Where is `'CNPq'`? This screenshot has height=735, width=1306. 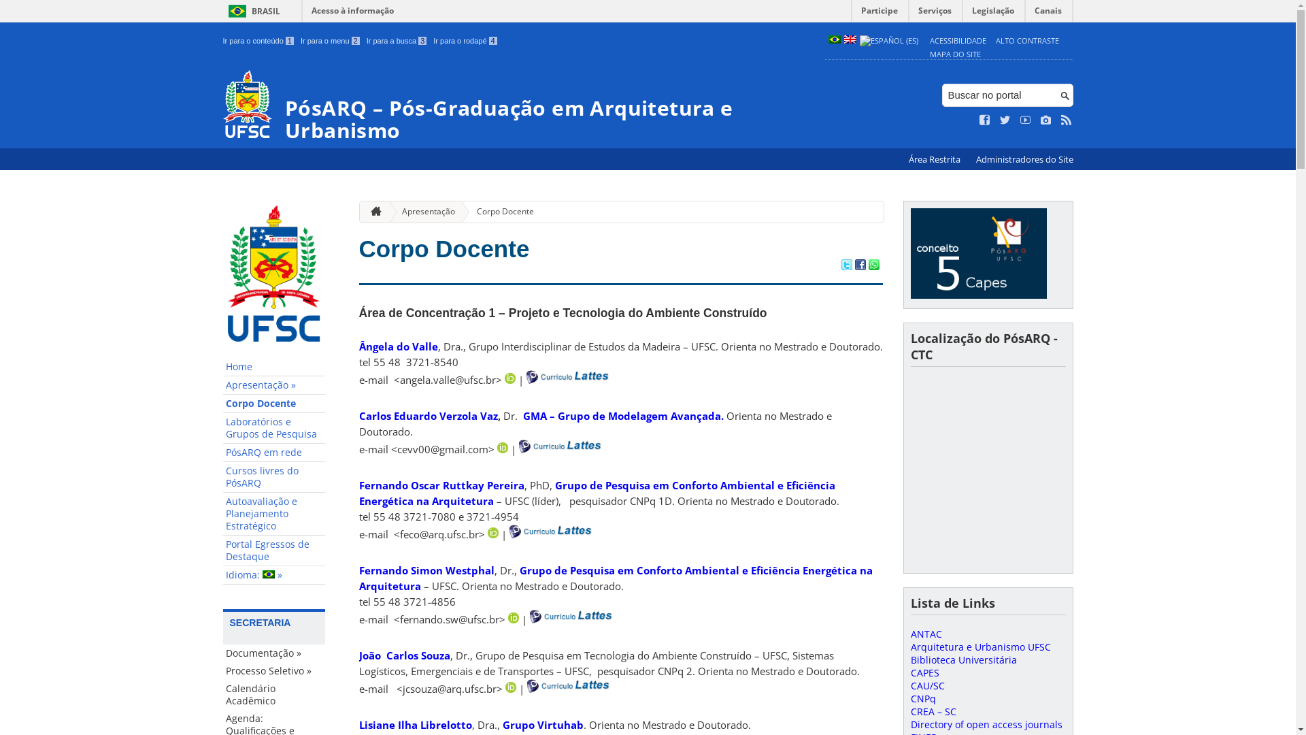 'CNPq' is located at coordinates (922, 698).